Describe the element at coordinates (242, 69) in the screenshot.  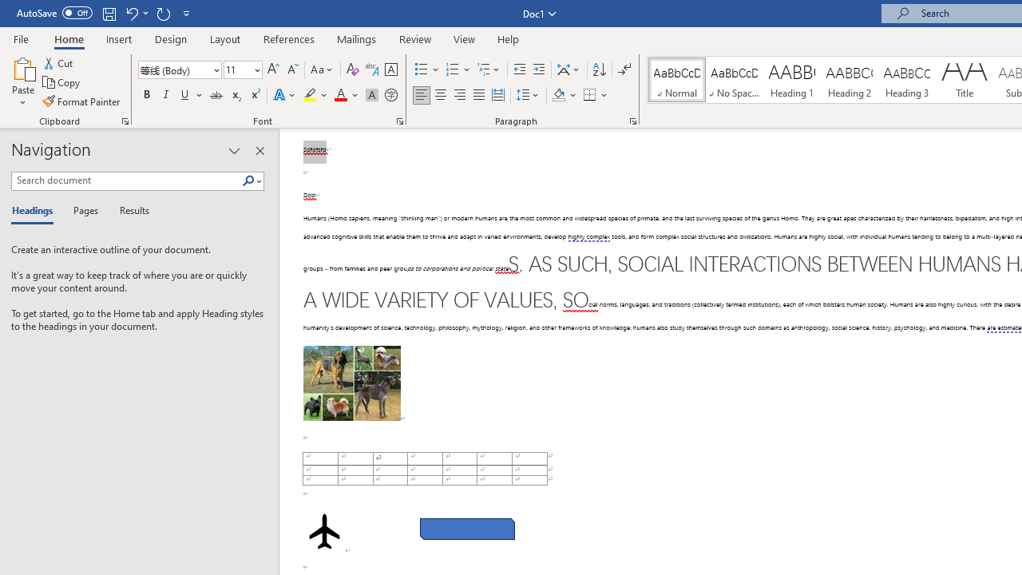
I see `'Font Size'` at that location.